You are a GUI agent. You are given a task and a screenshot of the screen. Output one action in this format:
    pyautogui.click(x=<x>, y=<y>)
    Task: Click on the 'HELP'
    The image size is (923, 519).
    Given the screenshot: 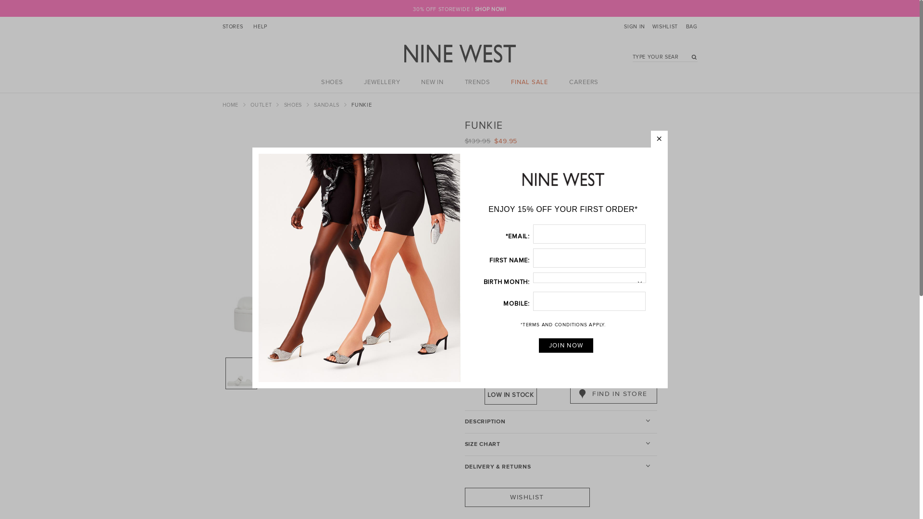 What is the action you would take?
    pyautogui.click(x=260, y=27)
    